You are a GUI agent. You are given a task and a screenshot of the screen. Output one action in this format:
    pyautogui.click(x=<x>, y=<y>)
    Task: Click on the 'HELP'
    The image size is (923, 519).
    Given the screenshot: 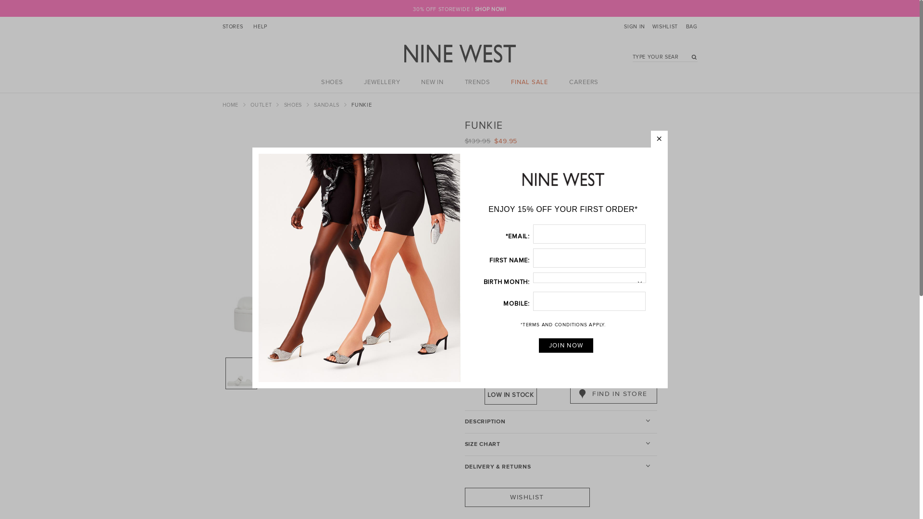 What is the action you would take?
    pyautogui.click(x=260, y=27)
    